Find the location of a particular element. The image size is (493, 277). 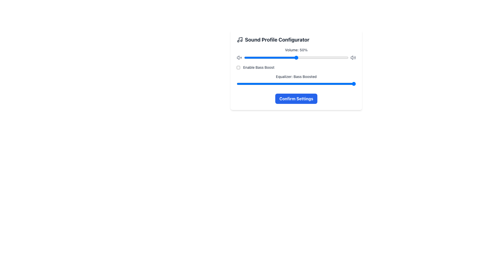

the text label displaying 'Volume: 50%' in gray font, positioned above the volume slider in the Sound Profile Configurator section is located at coordinates (296, 50).